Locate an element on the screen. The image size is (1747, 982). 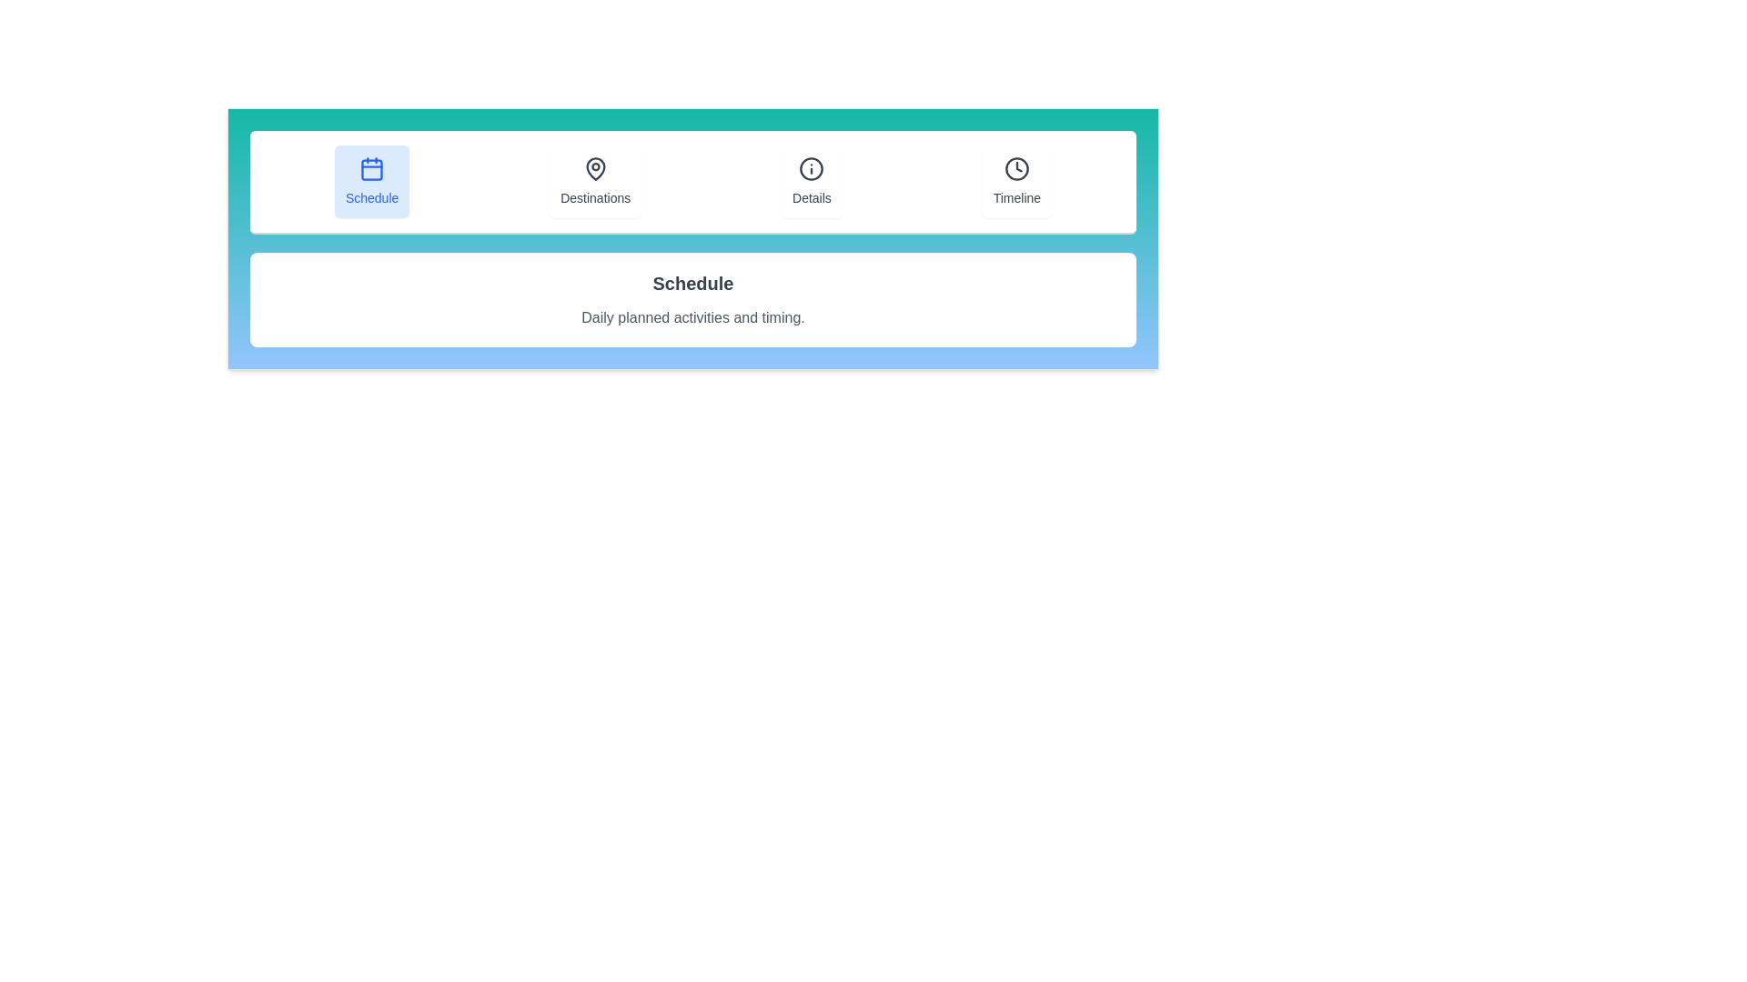
the tab labeled Destinations is located at coordinates (594, 182).